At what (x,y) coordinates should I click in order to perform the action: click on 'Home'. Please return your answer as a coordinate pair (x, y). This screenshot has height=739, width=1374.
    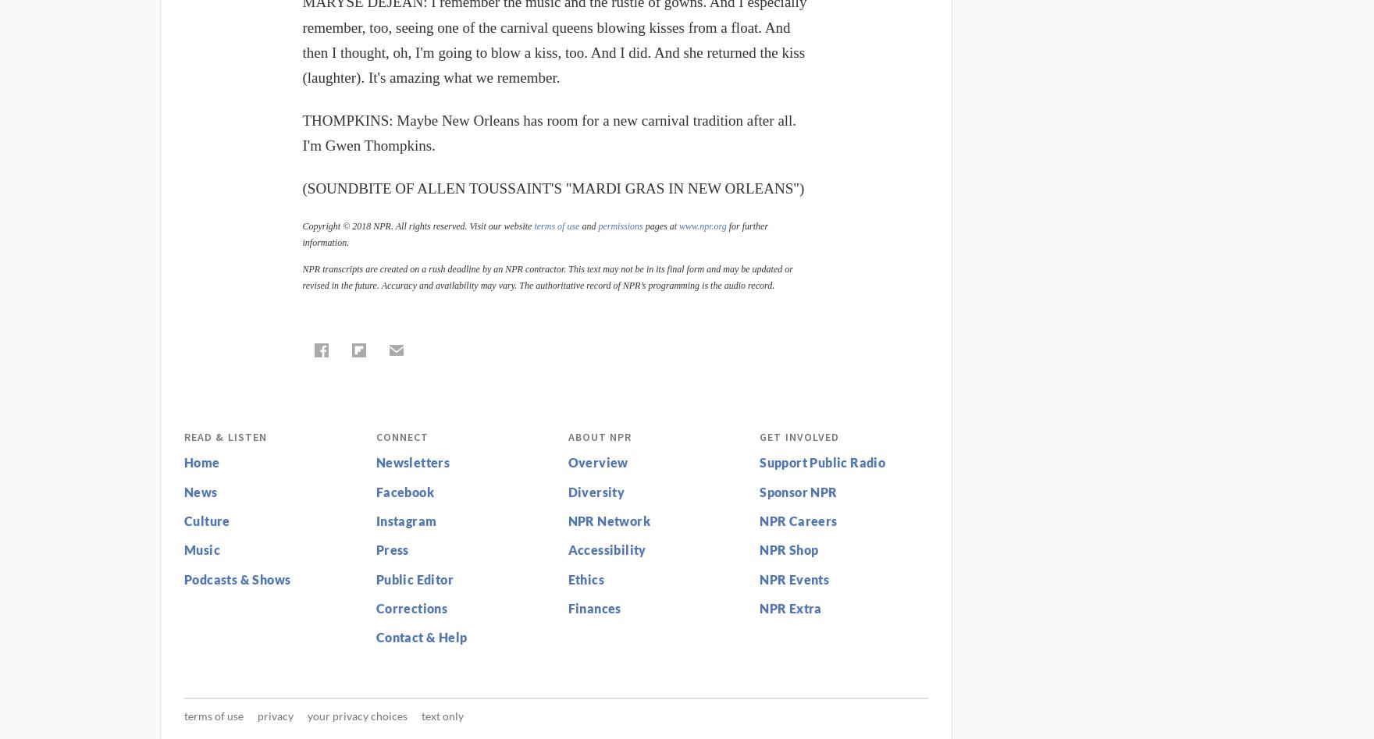
    Looking at the image, I should click on (201, 462).